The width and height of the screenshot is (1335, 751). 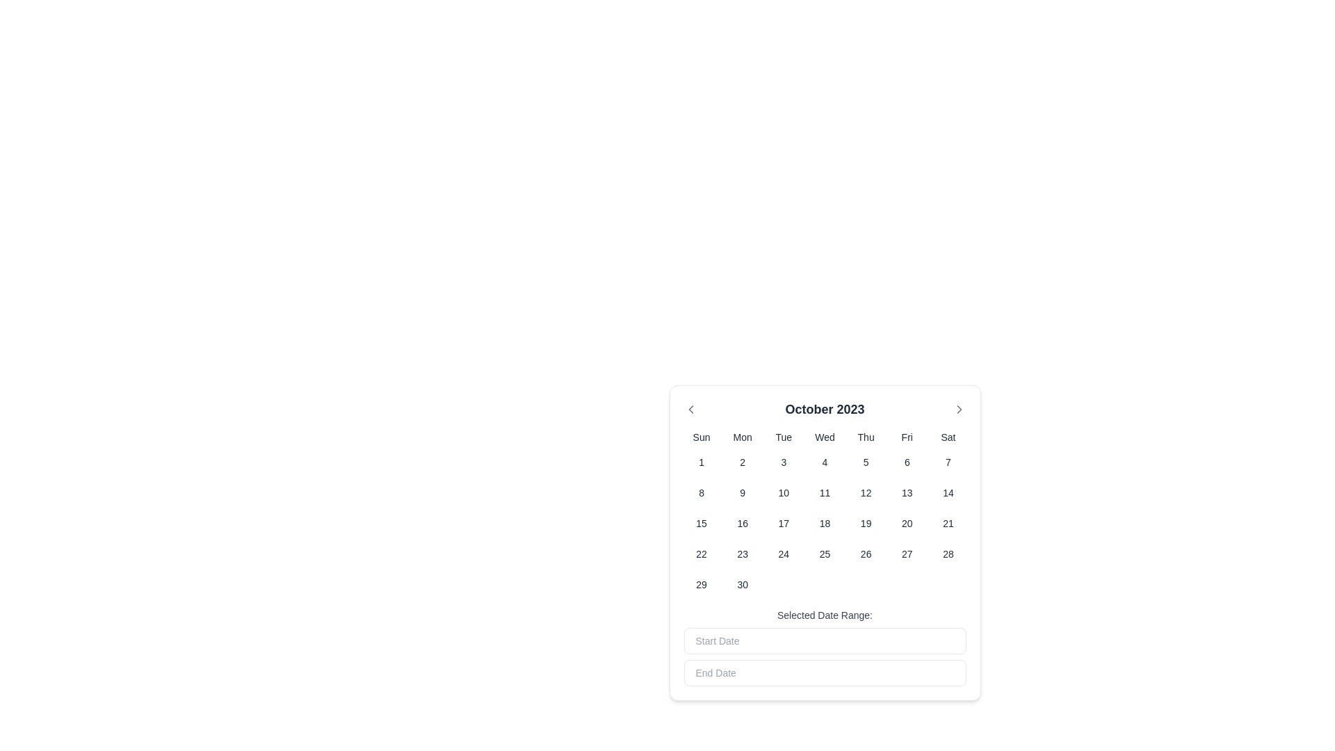 What do you see at coordinates (865, 436) in the screenshot?
I see `the 'Thu' label in the calendar interface, which is the fifth day abbreviation in the top row of the calendar grid` at bounding box center [865, 436].